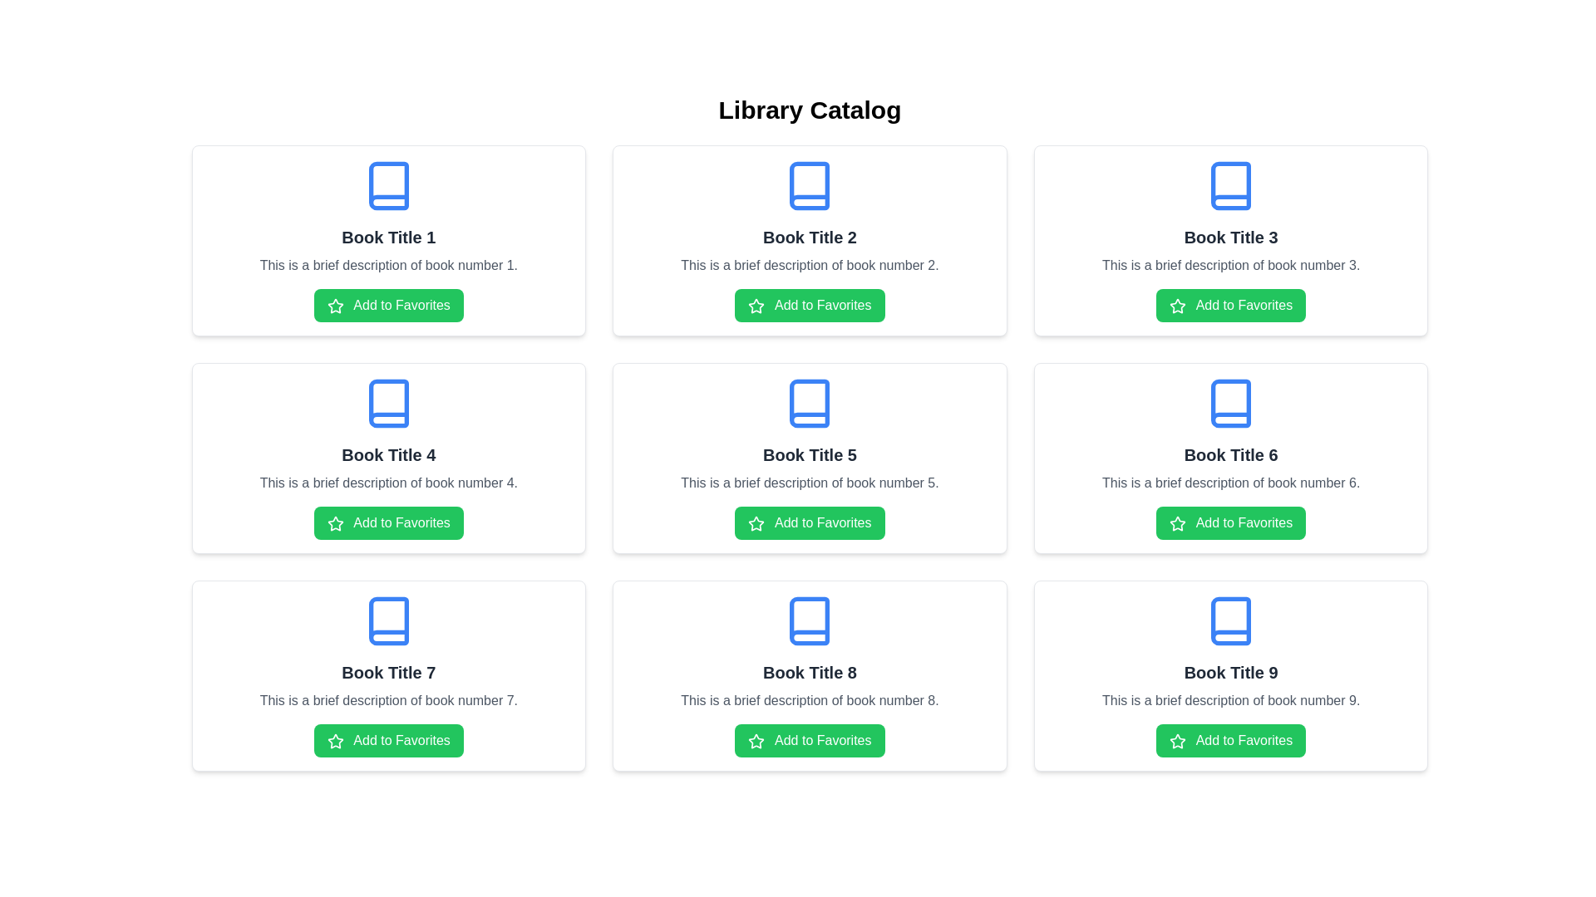 The width and height of the screenshot is (1596, 897). I want to click on the button that adds 'Book Title 3' to the favorites list to observe the hover effect, so click(1231, 305).